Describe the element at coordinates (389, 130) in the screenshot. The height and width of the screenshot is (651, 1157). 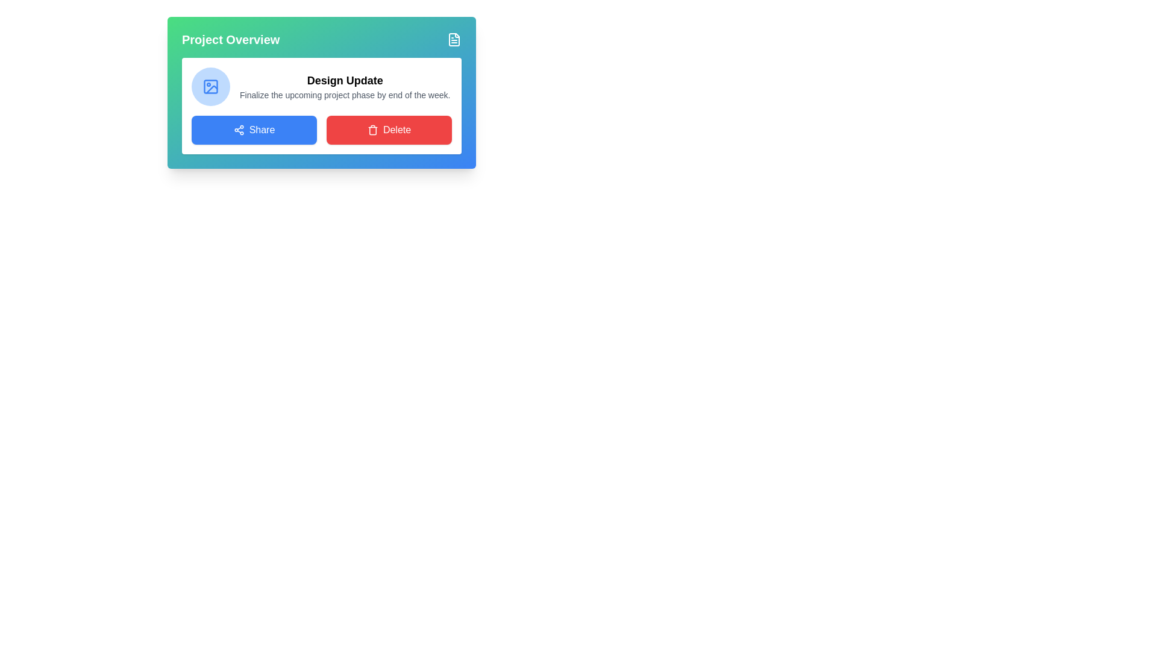
I see `the red 'Delete' button with a white trash can icon to observe hover effects` at that location.